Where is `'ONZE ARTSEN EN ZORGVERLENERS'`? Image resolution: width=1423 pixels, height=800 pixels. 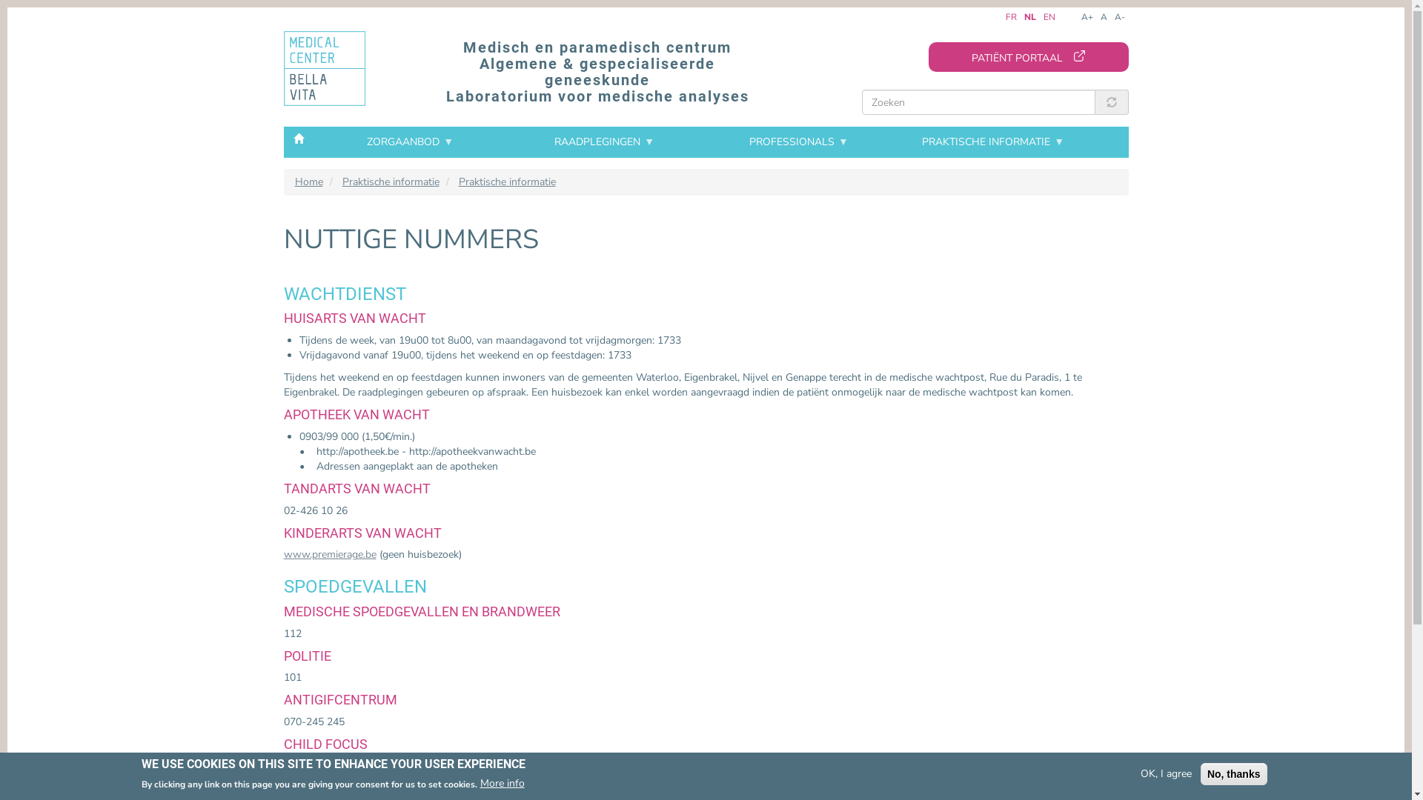 'ONZE ARTSEN EN ZORGVERLENERS' is located at coordinates (273, 239).